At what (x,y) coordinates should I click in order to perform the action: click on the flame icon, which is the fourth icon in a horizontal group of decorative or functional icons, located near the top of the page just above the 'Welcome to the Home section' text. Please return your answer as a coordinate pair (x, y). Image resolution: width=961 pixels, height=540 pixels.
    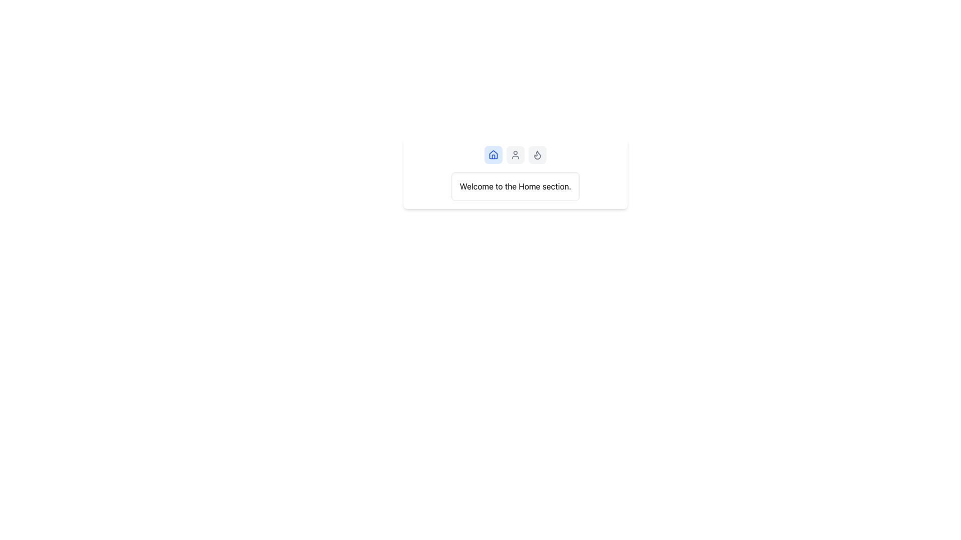
    Looking at the image, I should click on (537, 154).